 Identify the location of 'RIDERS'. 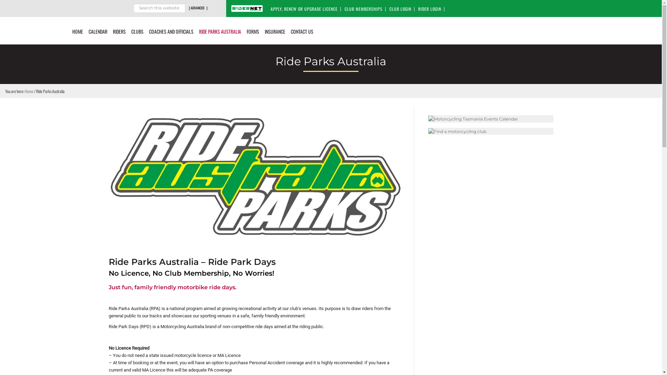
(119, 30).